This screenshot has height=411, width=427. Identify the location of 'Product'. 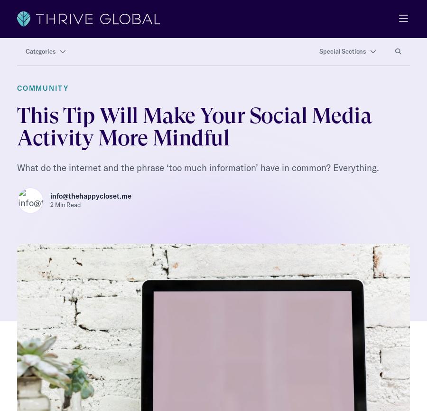
(30, 351).